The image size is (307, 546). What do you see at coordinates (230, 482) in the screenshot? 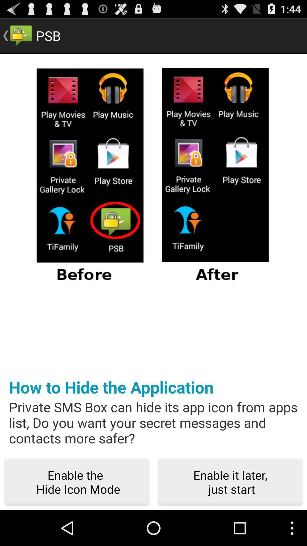
I see `the app below private sms box app` at bounding box center [230, 482].